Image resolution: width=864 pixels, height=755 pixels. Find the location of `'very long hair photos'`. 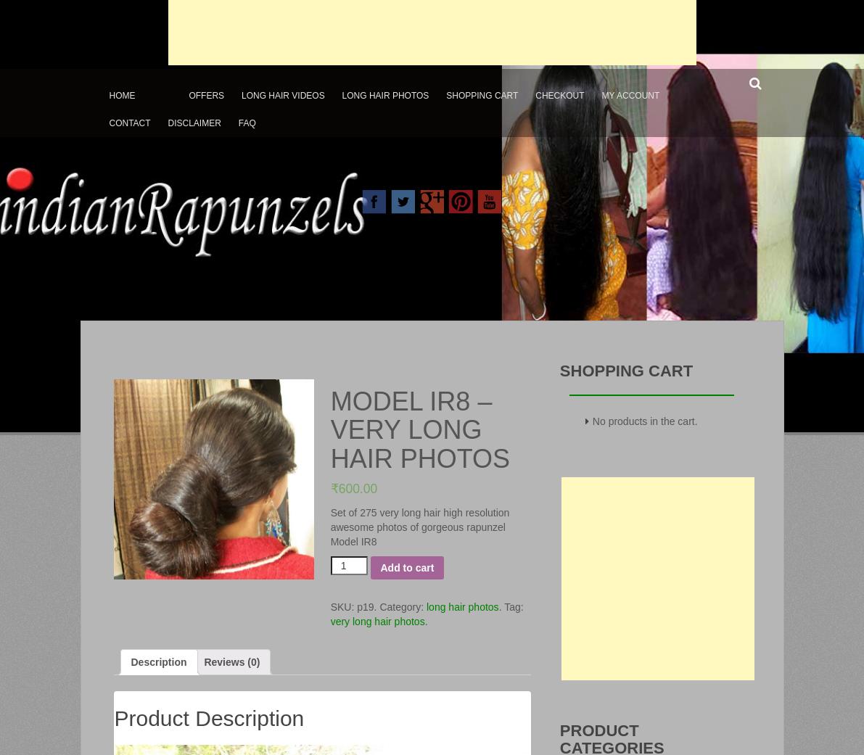

'very long hair photos' is located at coordinates (376, 620).